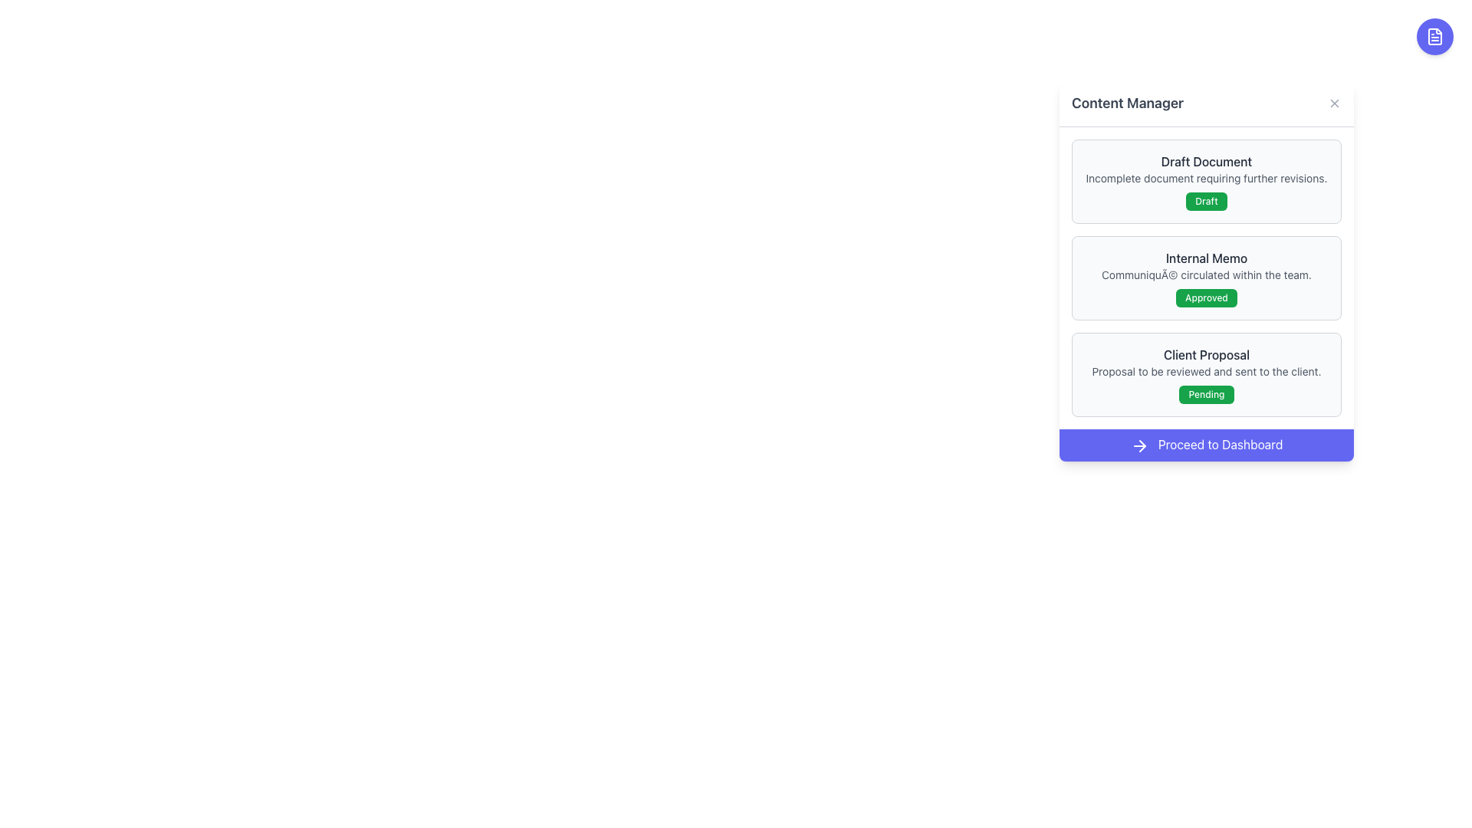 This screenshot has width=1472, height=828. Describe the element at coordinates (1206, 177) in the screenshot. I see `the static text label displaying 'Incomplete document requiring further revisions.' located beneath the 'Draft Document' section title` at that location.